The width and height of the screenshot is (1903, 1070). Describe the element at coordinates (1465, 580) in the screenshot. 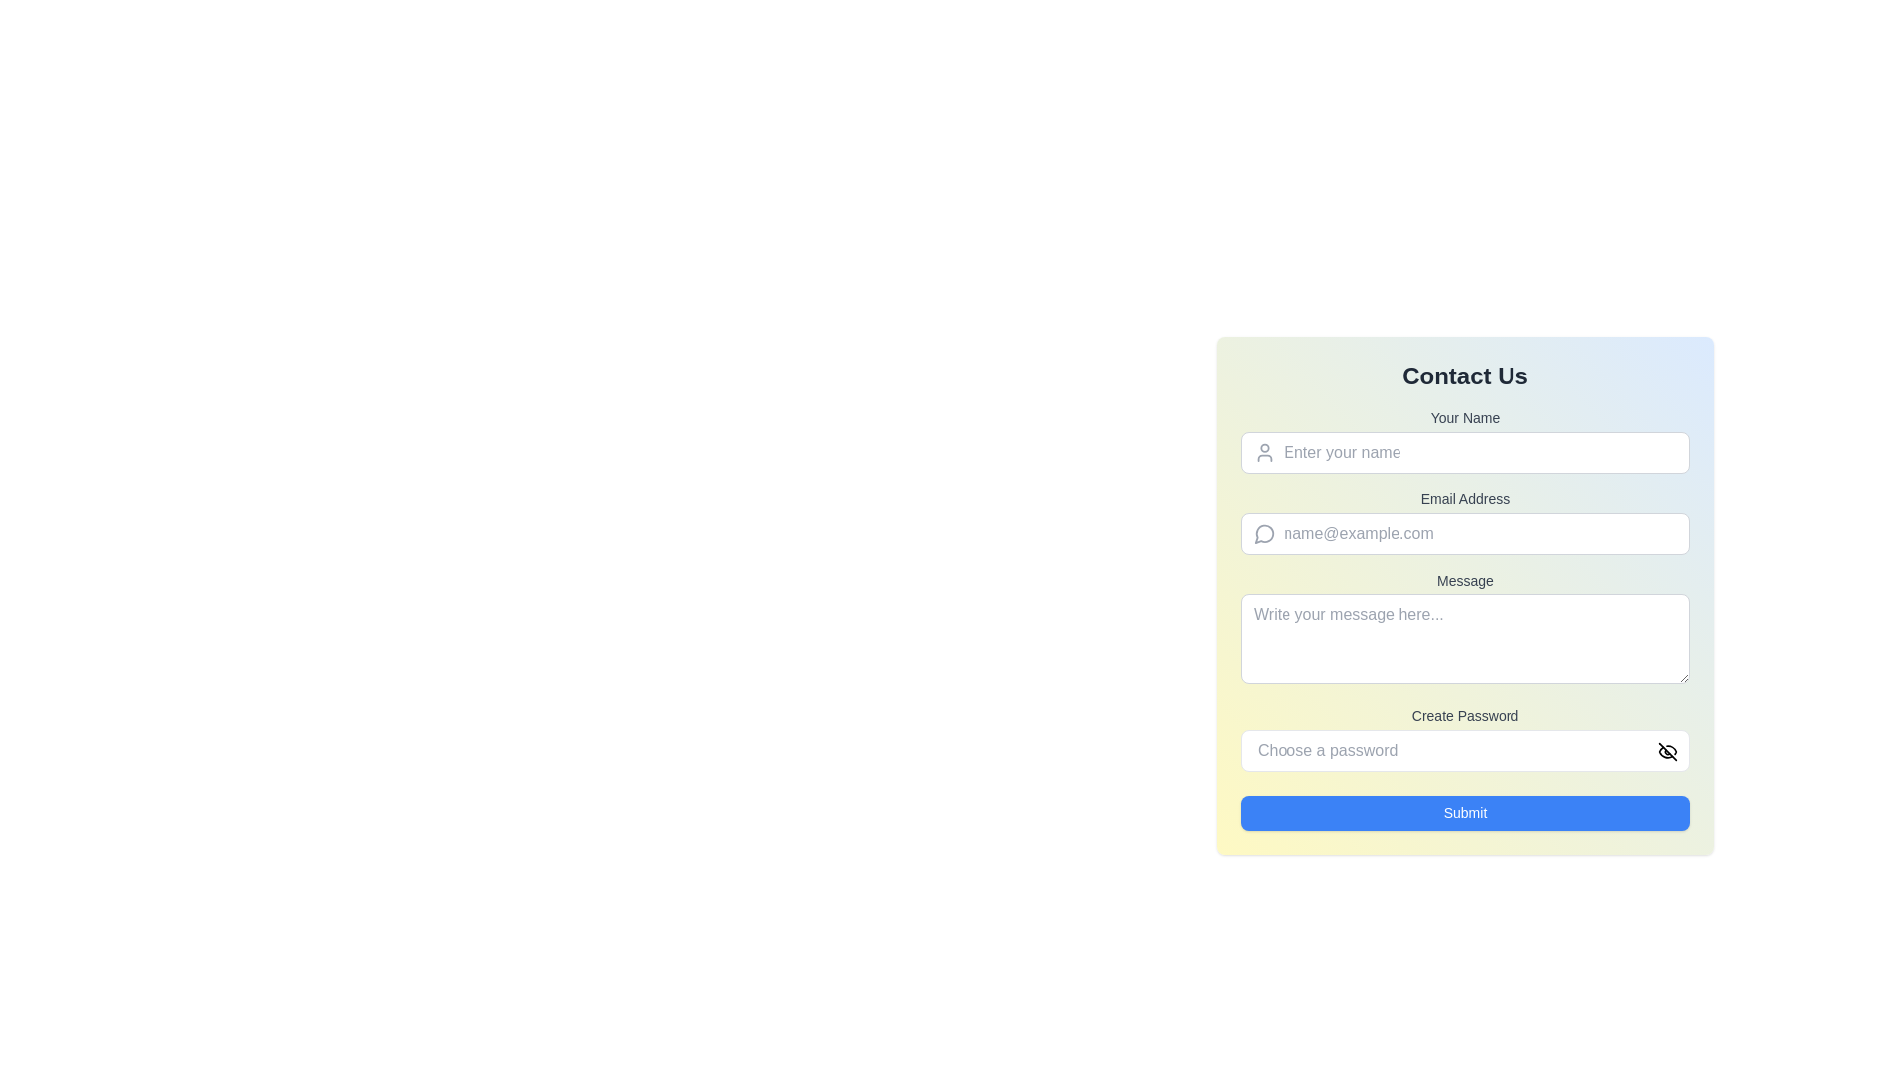

I see `the text label located at the center-right of the form, which indicates the purpose of the multiline input field for user messages` at that location.